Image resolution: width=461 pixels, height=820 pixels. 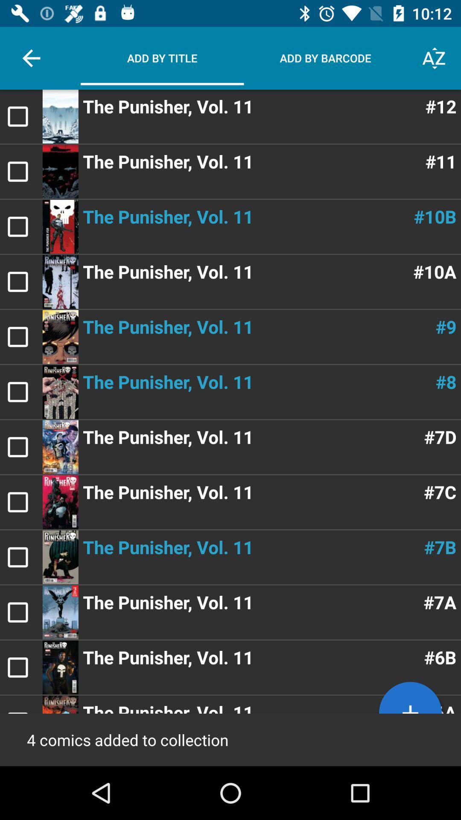 I want to click on the image on the left side of character 9, so click(x=60, y=336).